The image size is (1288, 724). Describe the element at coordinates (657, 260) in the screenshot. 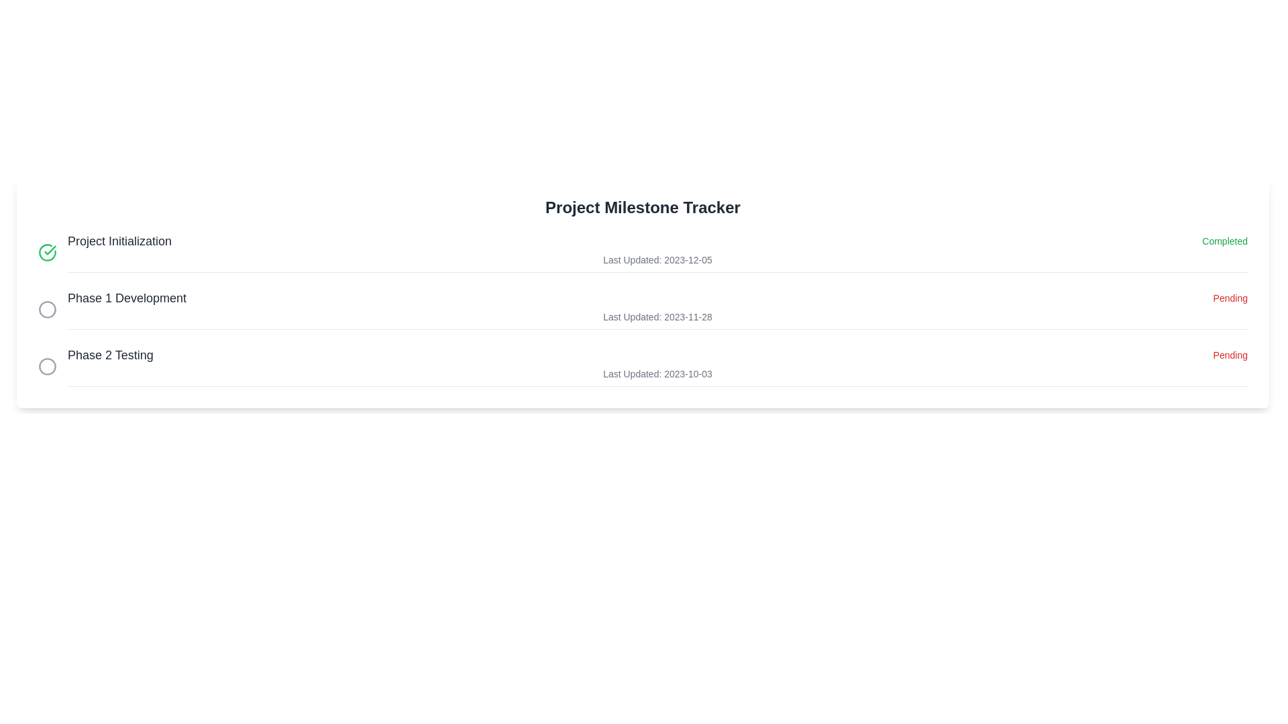

I see `the text label displaying 'Last Updated: 2023-12-05', which is located below the 'Project Initialization' header in the milestone tracker` at that location.